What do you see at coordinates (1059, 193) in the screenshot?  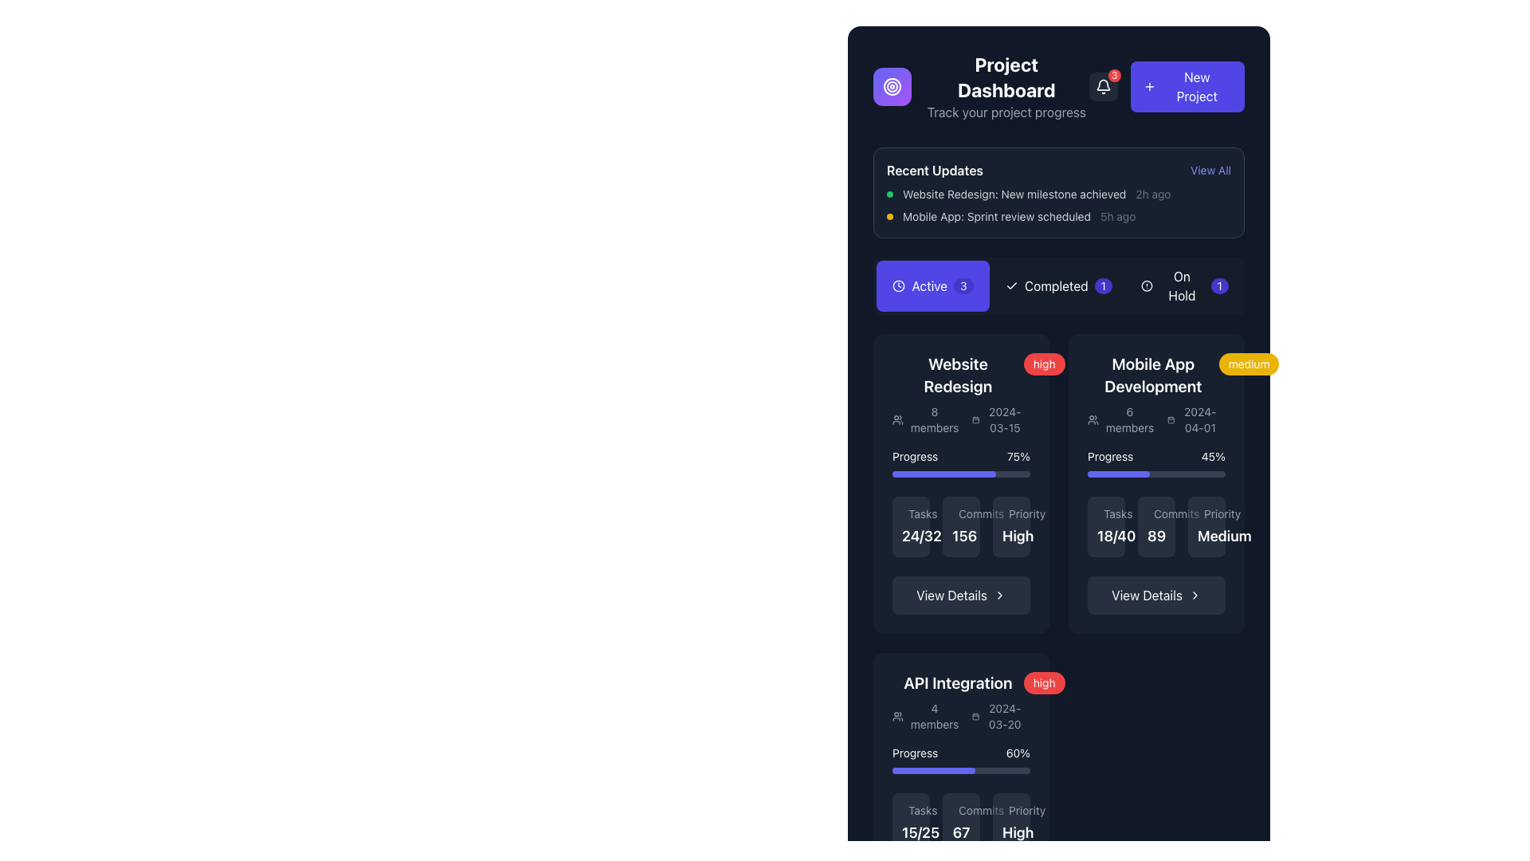 I see `the project update list item regarding 'Website Redesign'` at bounding box center [1059, 193].